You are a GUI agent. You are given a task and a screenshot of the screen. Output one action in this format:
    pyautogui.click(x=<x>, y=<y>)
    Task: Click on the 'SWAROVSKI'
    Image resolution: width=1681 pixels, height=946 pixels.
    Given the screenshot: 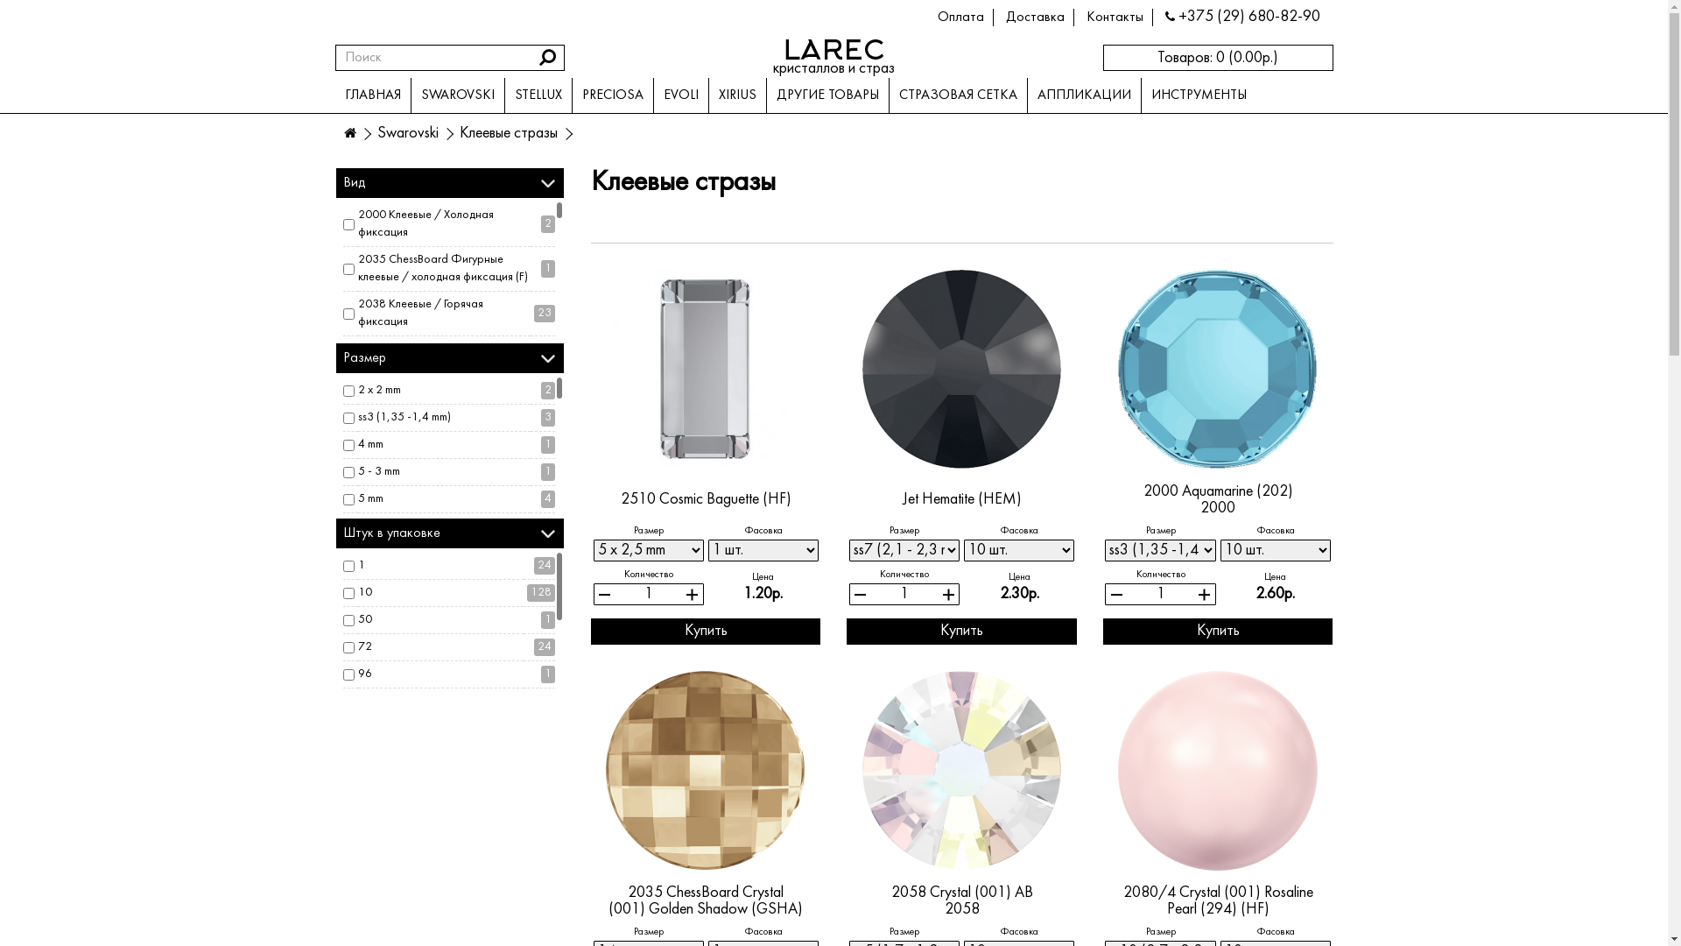 What is the action you would take?
    pyautogui.click(x=408, y=95)
    